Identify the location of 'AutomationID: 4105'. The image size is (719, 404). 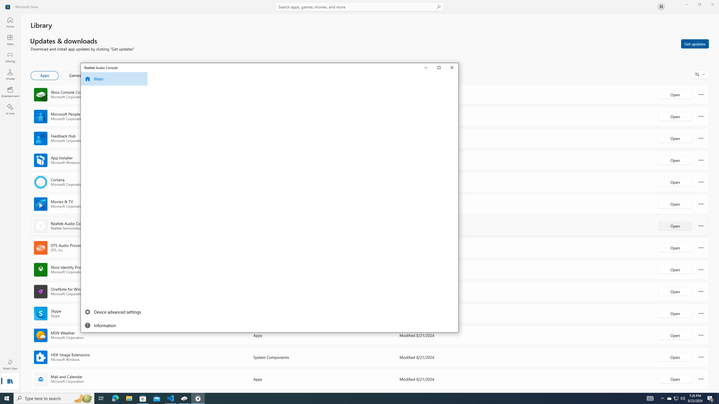
(650, 398).